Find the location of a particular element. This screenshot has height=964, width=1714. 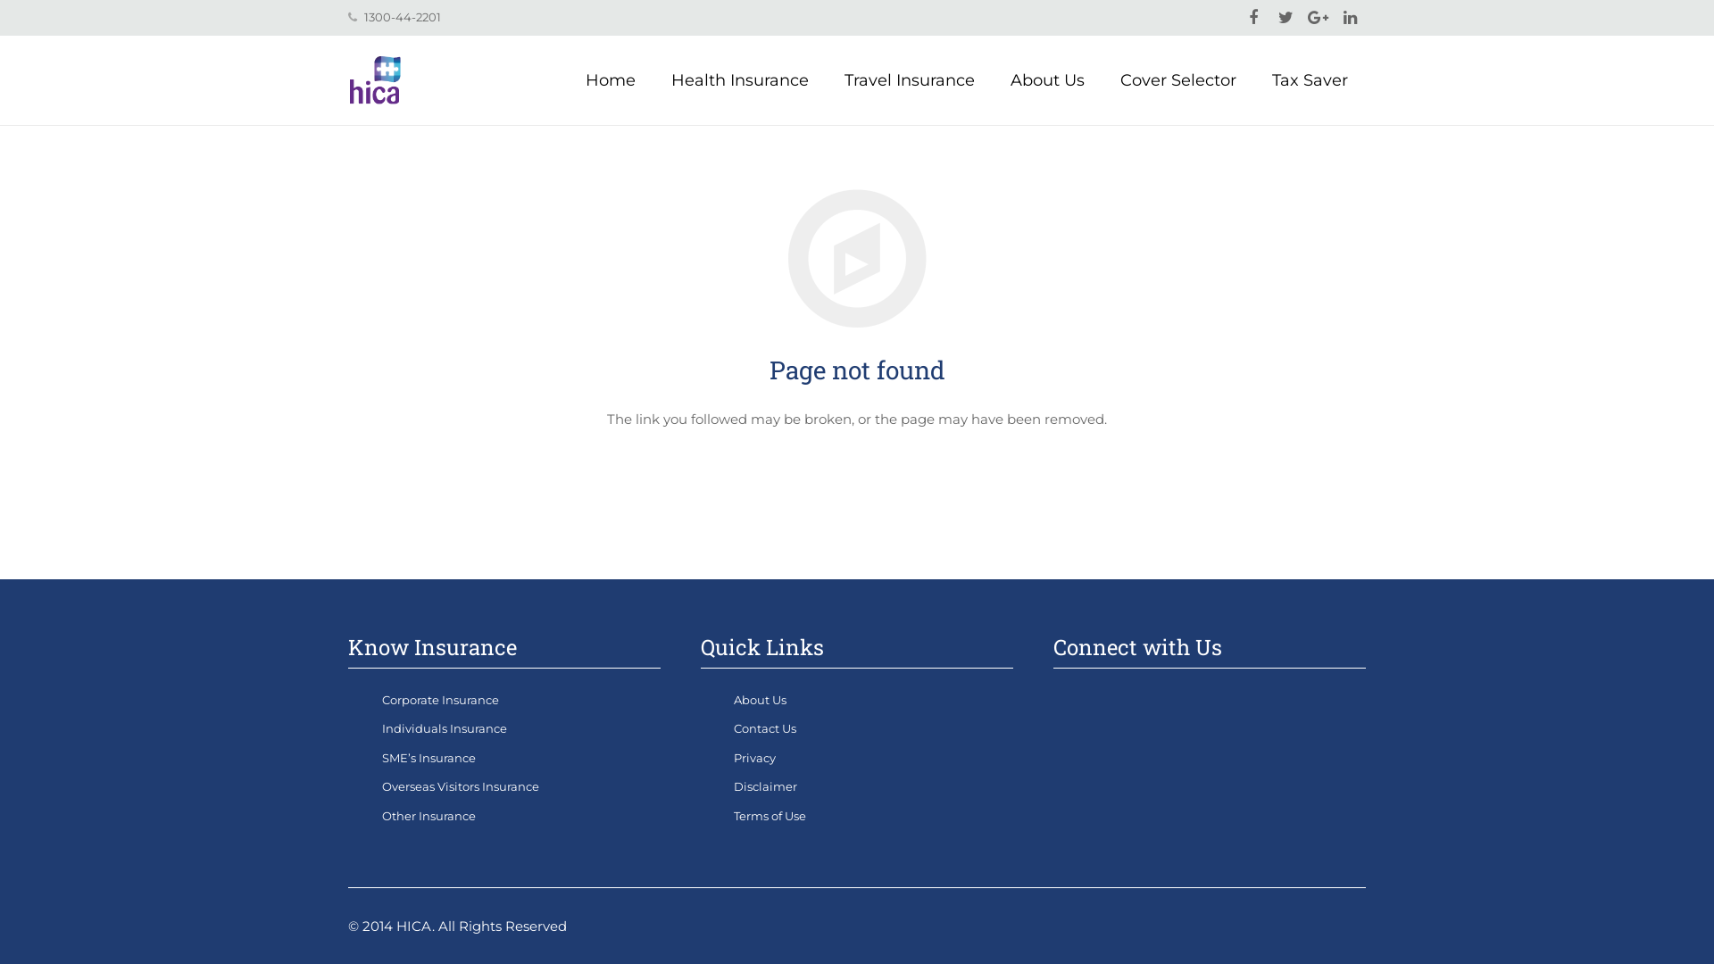

'Individuals Insurance' is located at coordinates (380, 728).